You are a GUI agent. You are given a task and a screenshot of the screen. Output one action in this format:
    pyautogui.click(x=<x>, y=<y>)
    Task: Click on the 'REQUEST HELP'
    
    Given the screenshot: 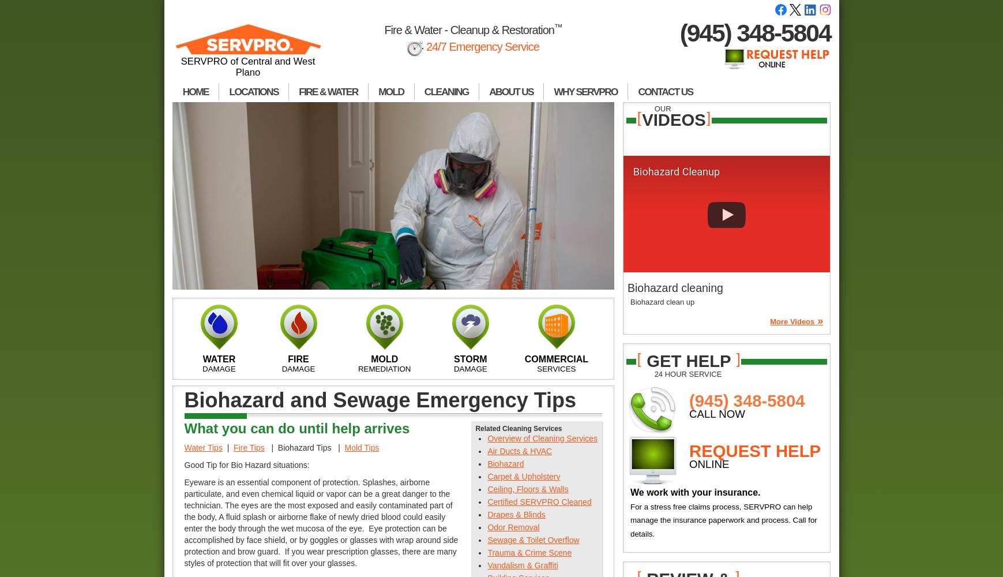 What is the action you would take?
    pyautogui.click(x=754, y=450)
    